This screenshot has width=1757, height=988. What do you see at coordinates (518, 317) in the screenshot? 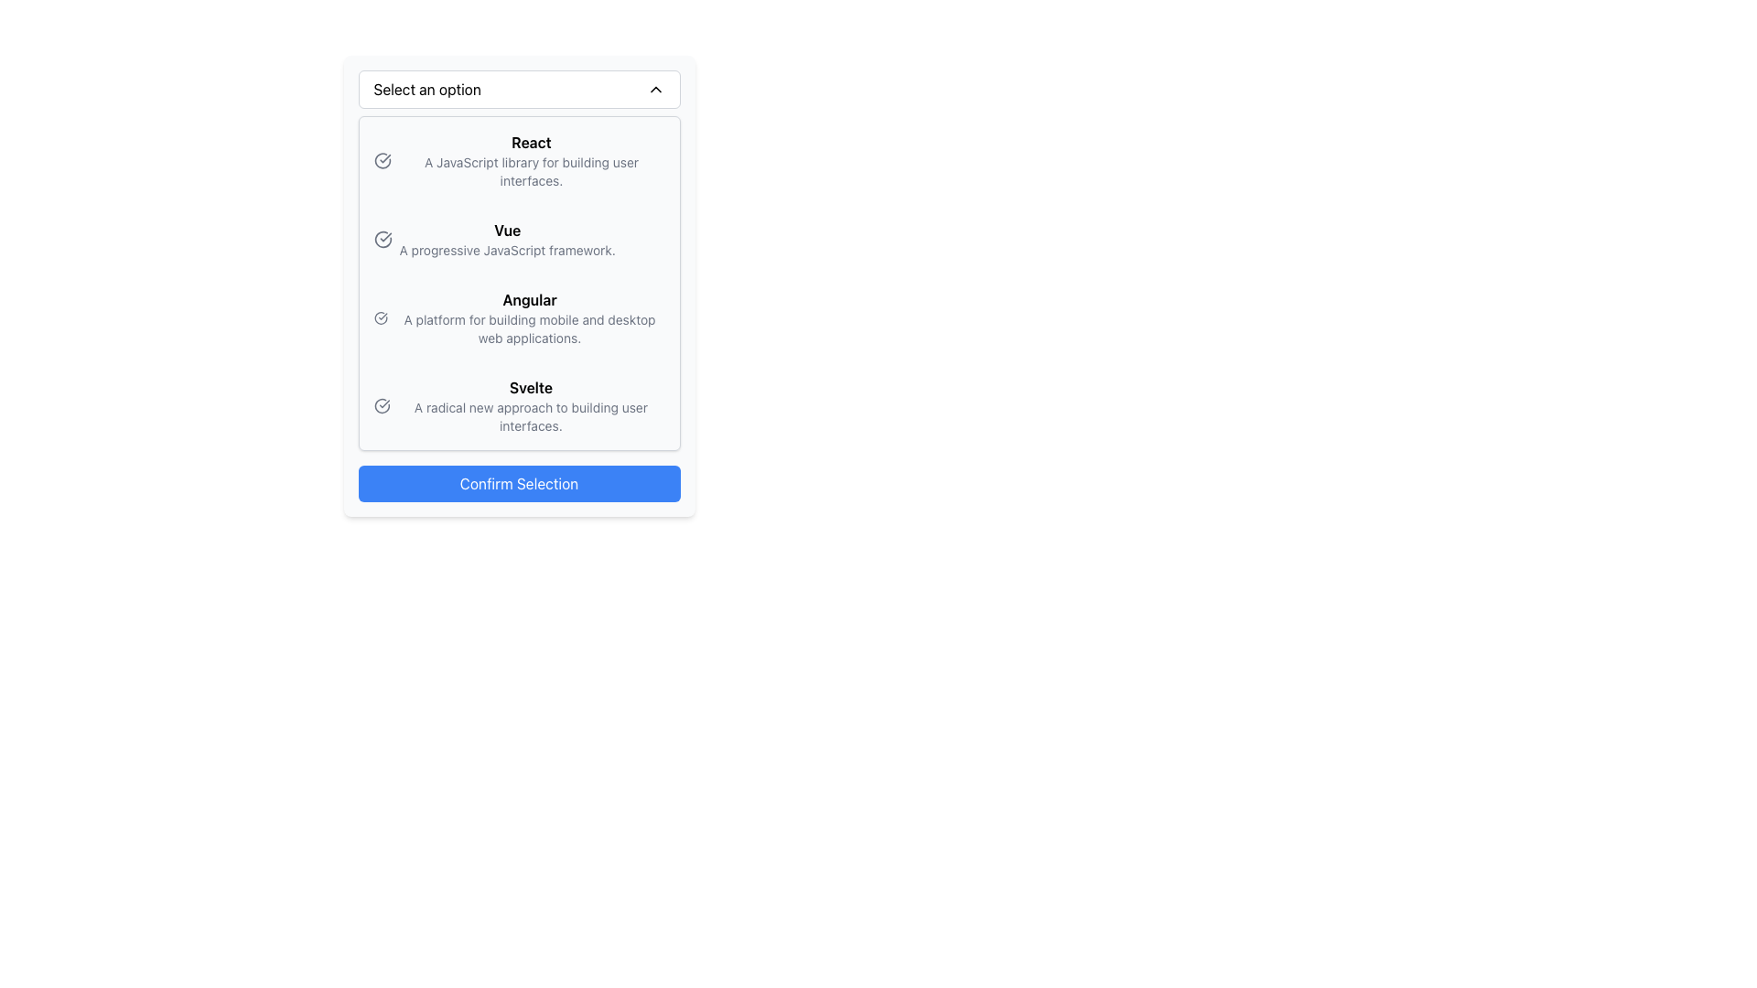
I see `the third option` at bounding box center [518, 317].